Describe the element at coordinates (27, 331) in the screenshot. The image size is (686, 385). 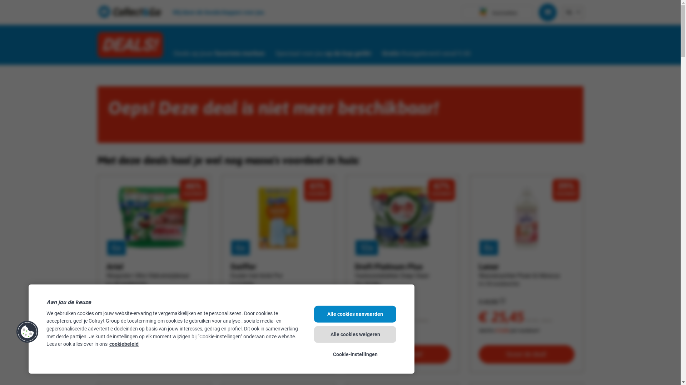
I see `'Cookies Button'` at that location.